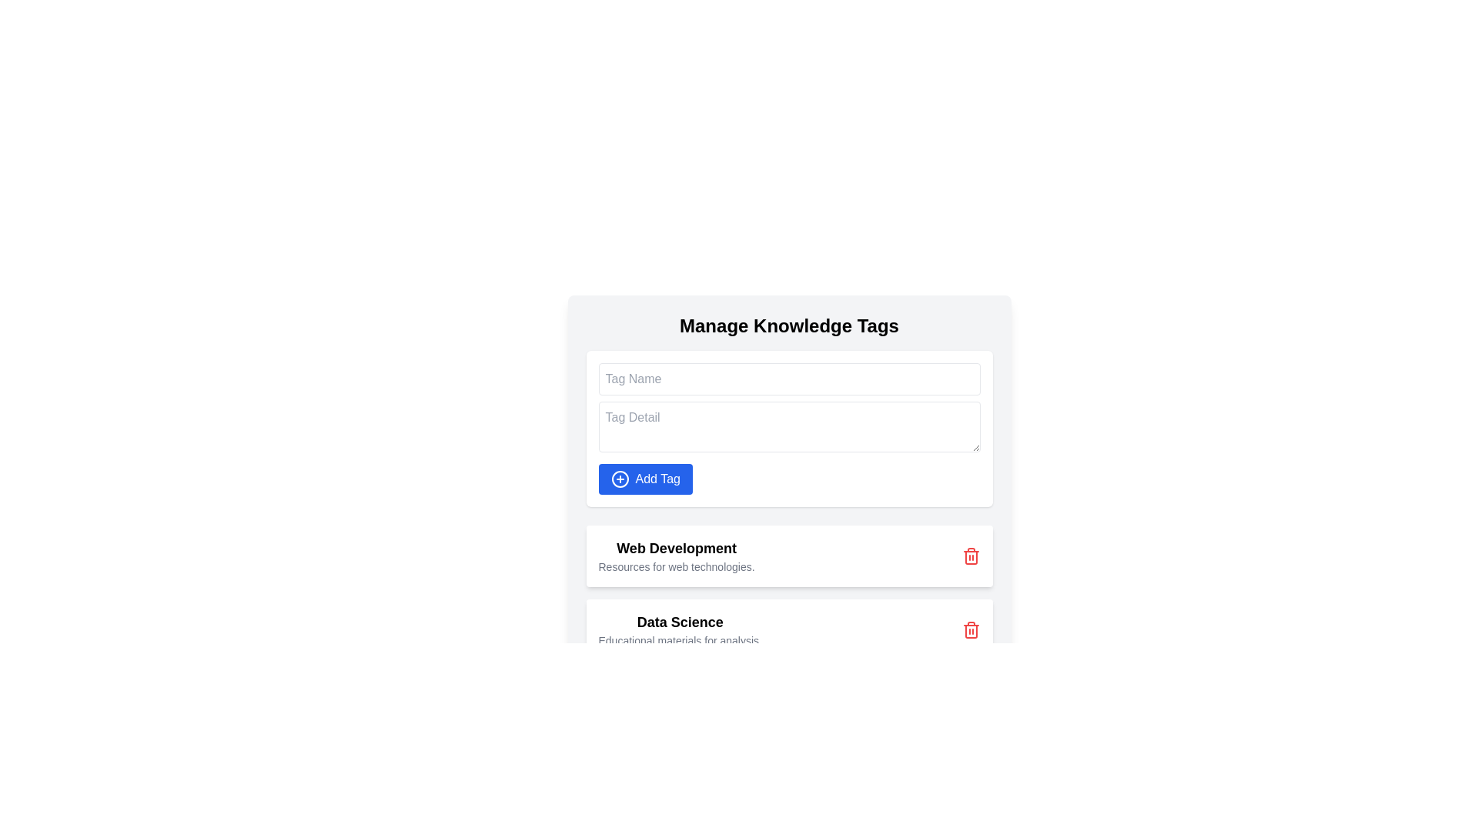 This screenshot has height=831, width=1478. I want to click on the second last card in the knowledge tags list to interact with its elements, so click(789, 592).